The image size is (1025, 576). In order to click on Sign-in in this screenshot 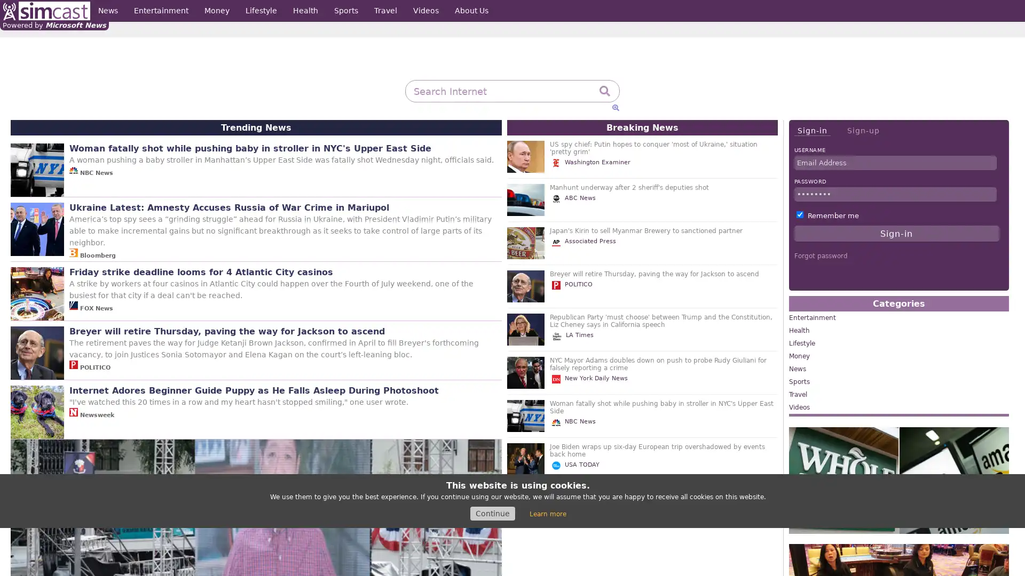, I will do `click(896, 233)`.